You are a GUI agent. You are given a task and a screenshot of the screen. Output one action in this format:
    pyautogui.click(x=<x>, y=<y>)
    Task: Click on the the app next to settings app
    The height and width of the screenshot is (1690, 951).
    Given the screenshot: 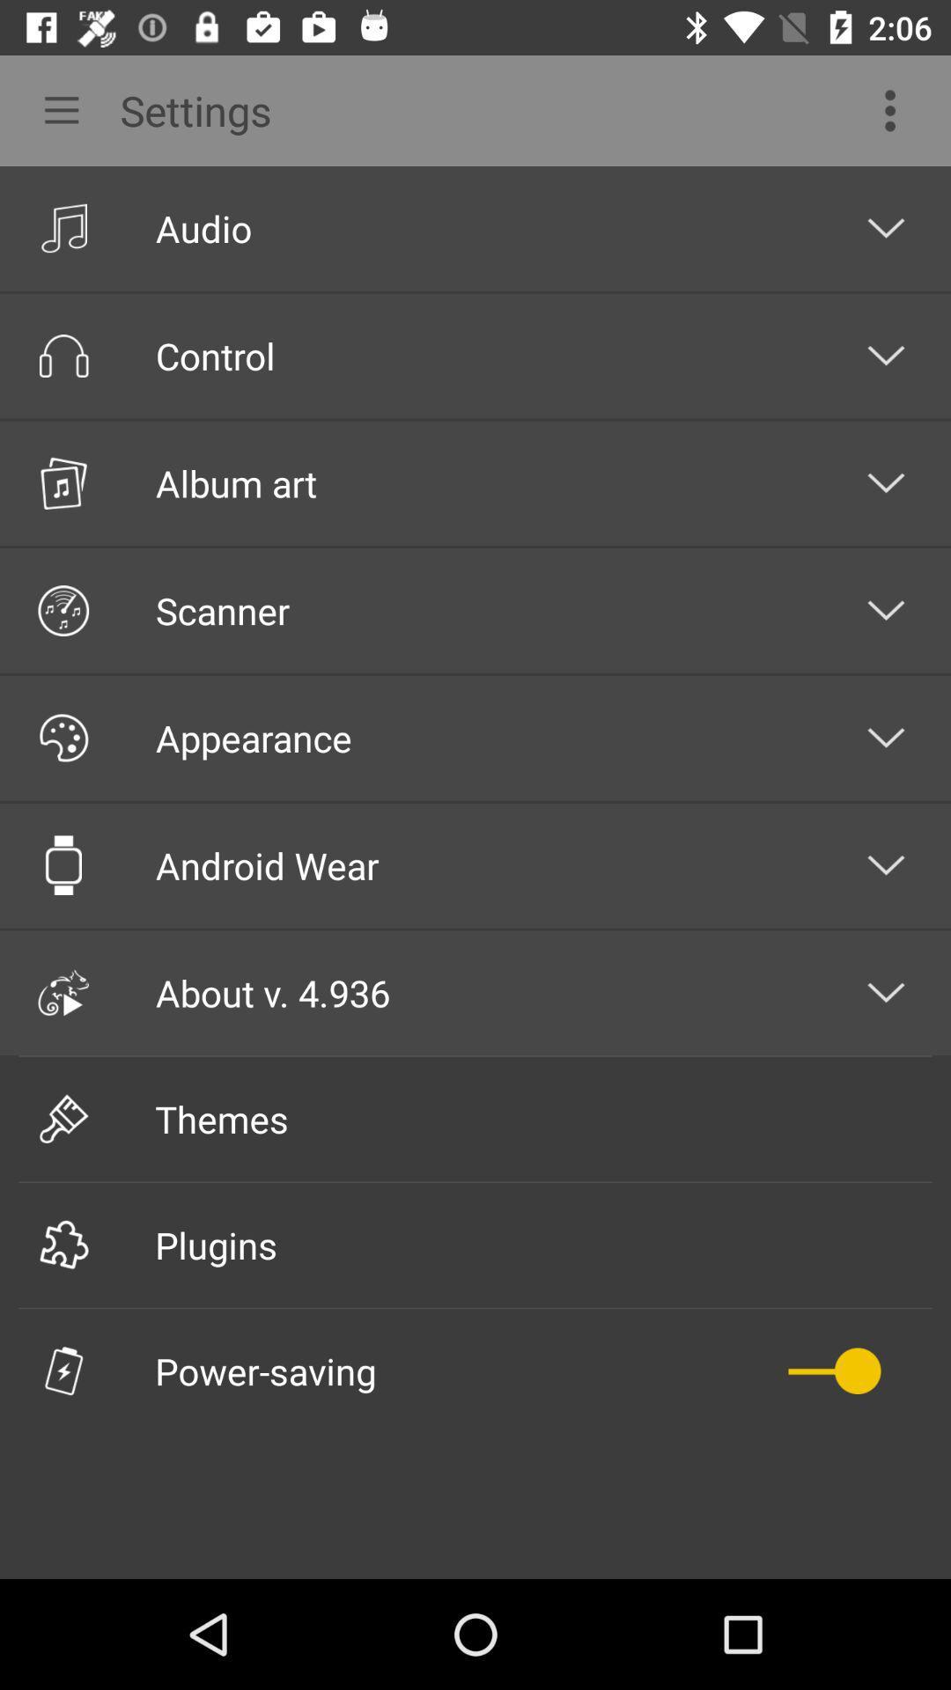 What is the action you would take?
    pyautogui.click(x=54, y=109)
    